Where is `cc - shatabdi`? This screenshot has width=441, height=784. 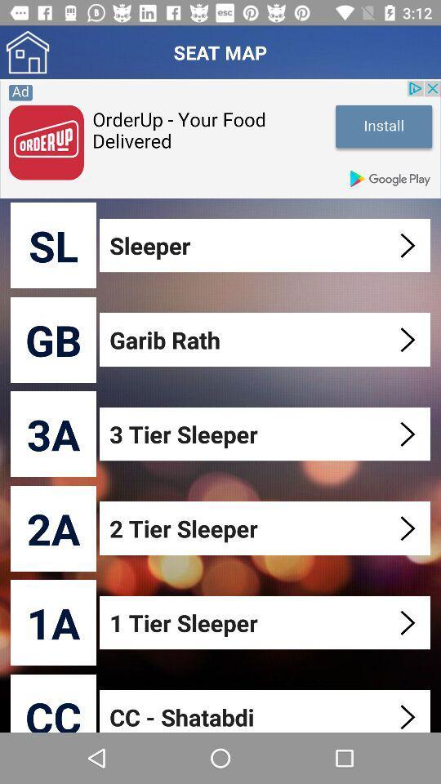
cc - shatabdi is located at coordinates (266, 710).